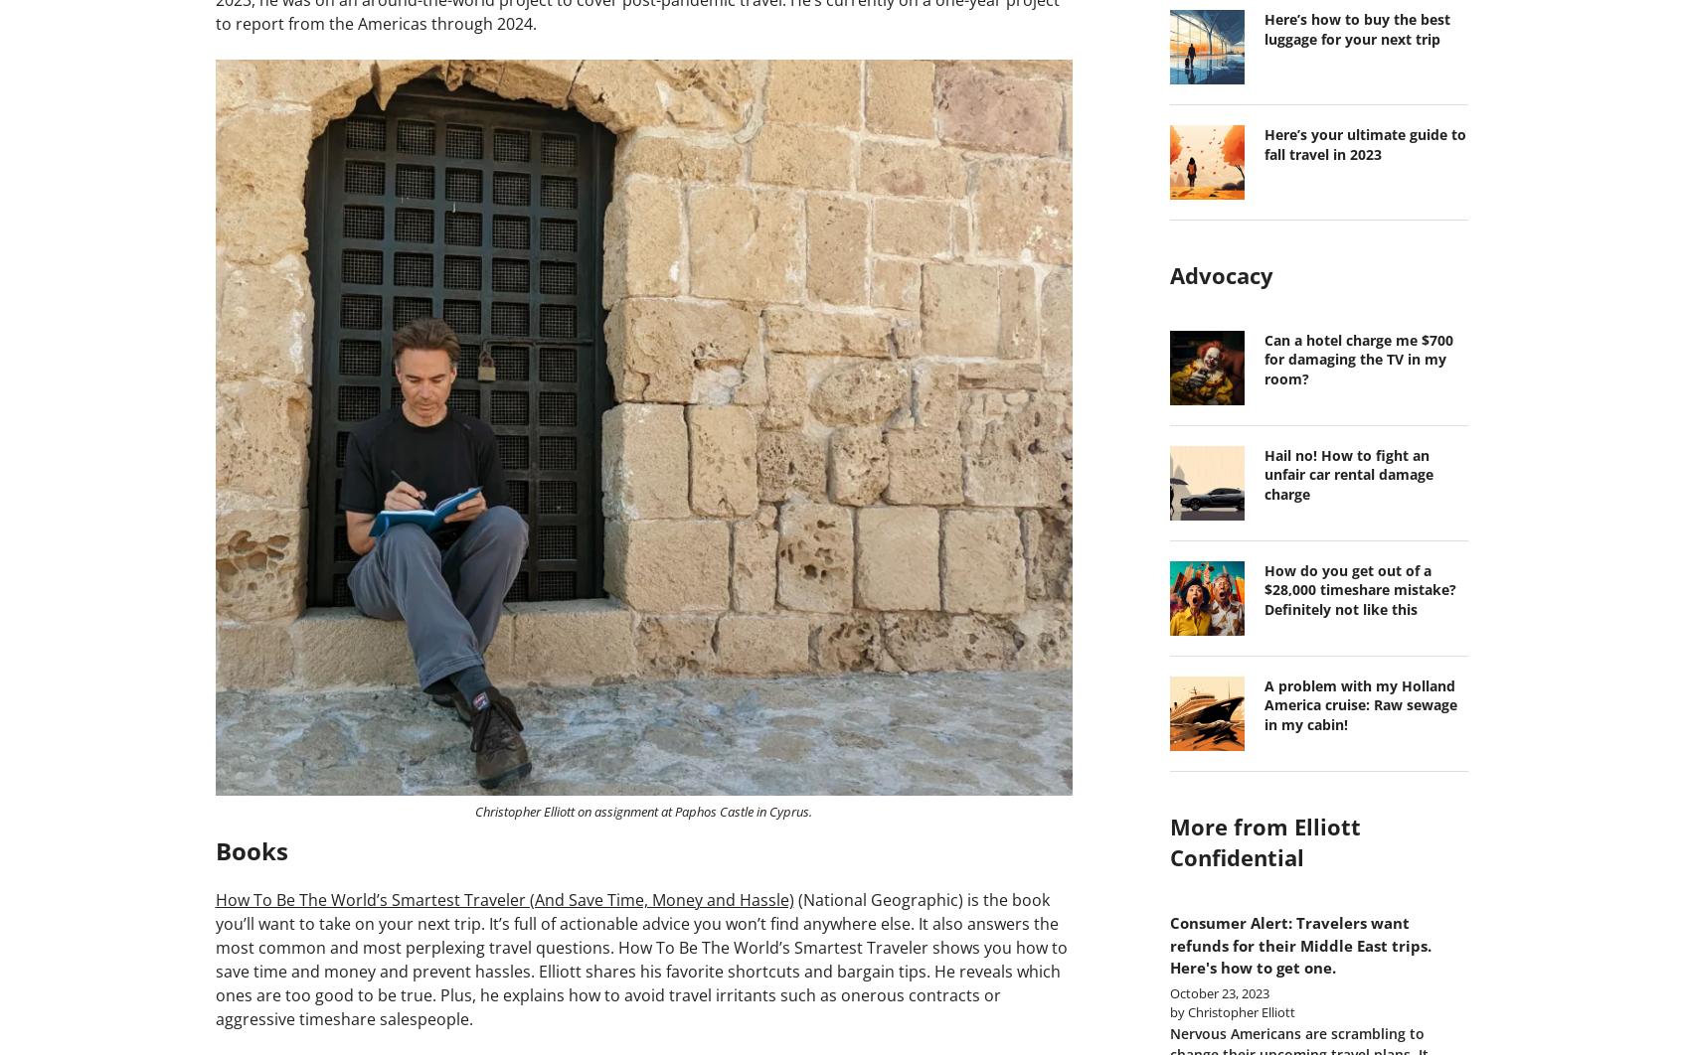 This screenshot has width=1683, height=1055. Describe the element at coordinates (640, 958) in the screenshot. I see `'(National Geographic) is the book you’ll want to take on your next trip. It’s full of actionable advice you won’t find anywhere else. It also answers the most common and most perplexing travel questions. How To Be The World’s Smartest Traveler shows you how to save time and money and prevent hassles. Elliott shares his favorite shortcuts and bargain tips. He reveals which ones are too good to be true. Plus, he explains how to avoid travel irritants such as onerous contracts or aggressive timeshare salespeople.'` at that location.